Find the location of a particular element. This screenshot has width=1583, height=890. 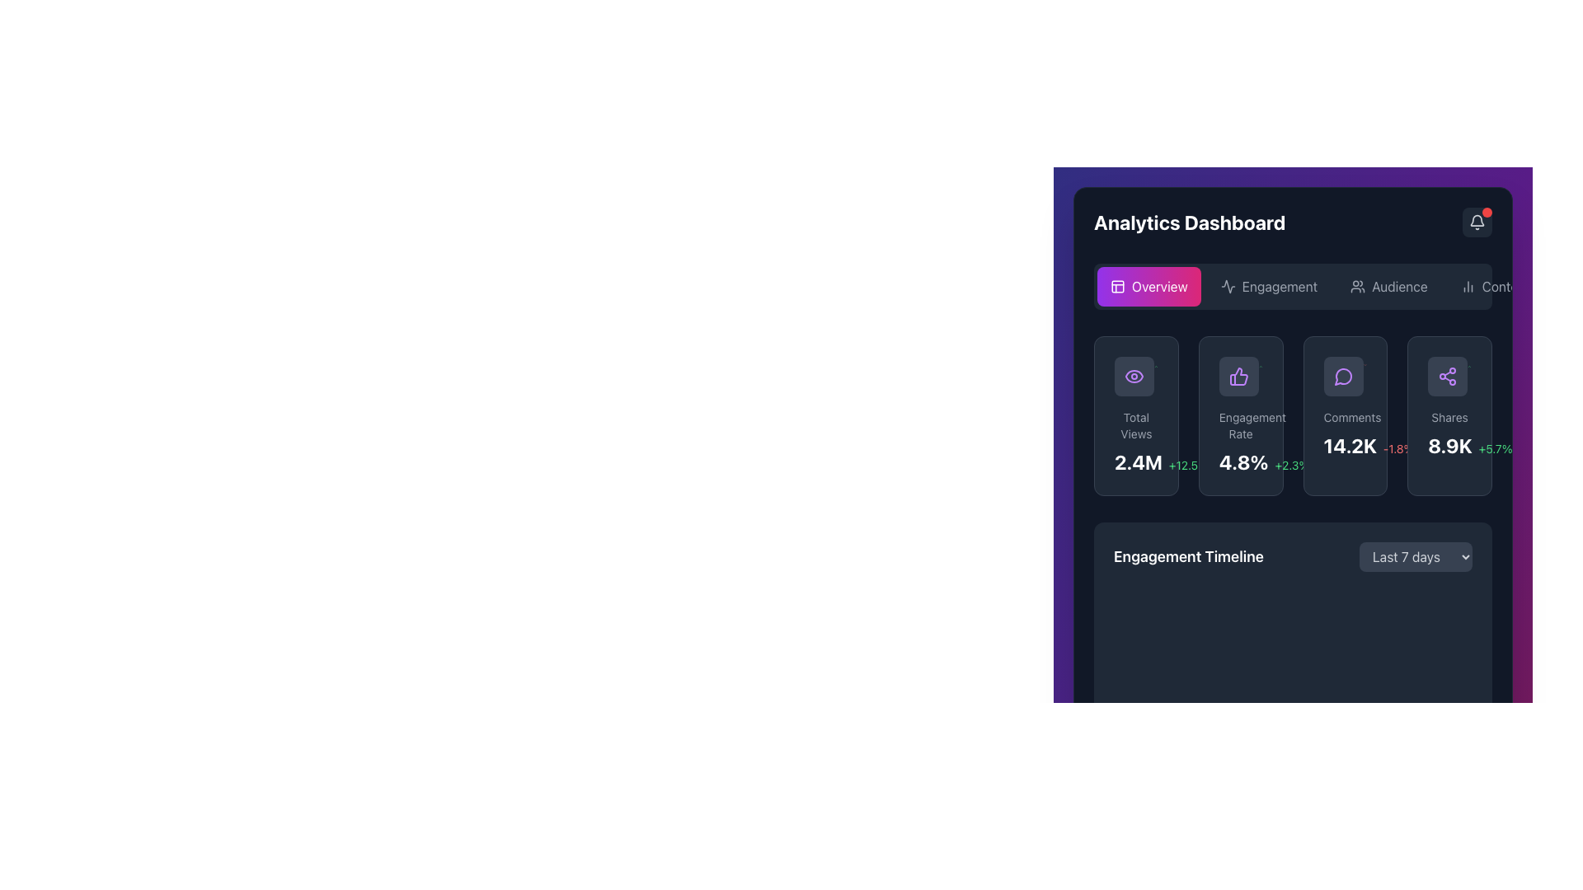

the circular purple outlined eye icon located at the top-left corner of the 'Total Views' card on the dashboard is located at coordinates (1135, 376).